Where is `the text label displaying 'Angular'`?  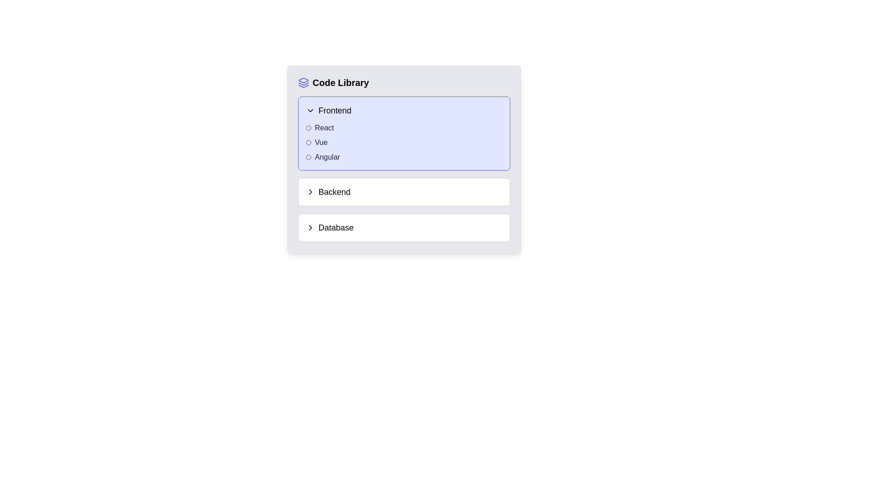 the text label displaying 'Angular' is located at coordinates (327, 156).